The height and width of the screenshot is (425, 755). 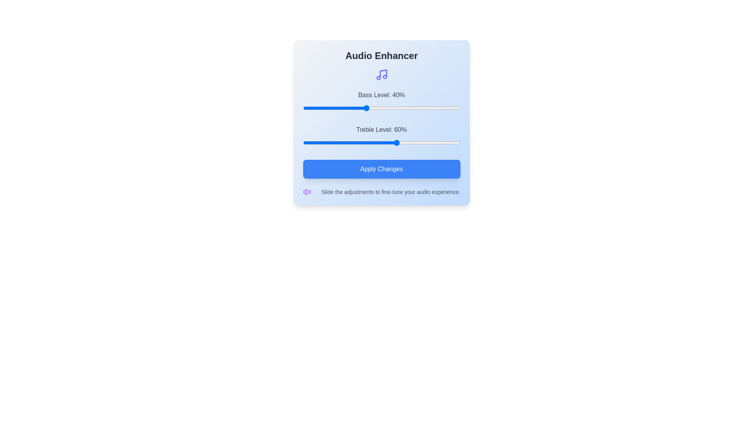 What do you see at coordinates (408, 108) in the screenshot?
I see `the bass level slider to 67%` at bounding box center [408, 108].